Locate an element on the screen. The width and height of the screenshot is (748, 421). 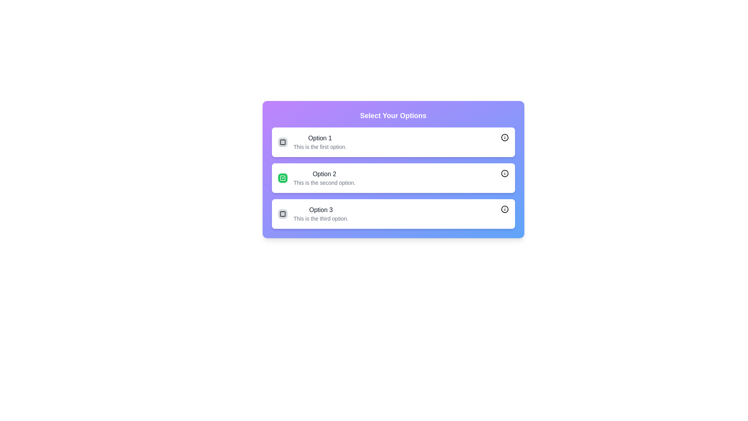
the checkbox for 'Option 1', which is a square element with rounded corners and a gray background is located at coordinates (282, 142).